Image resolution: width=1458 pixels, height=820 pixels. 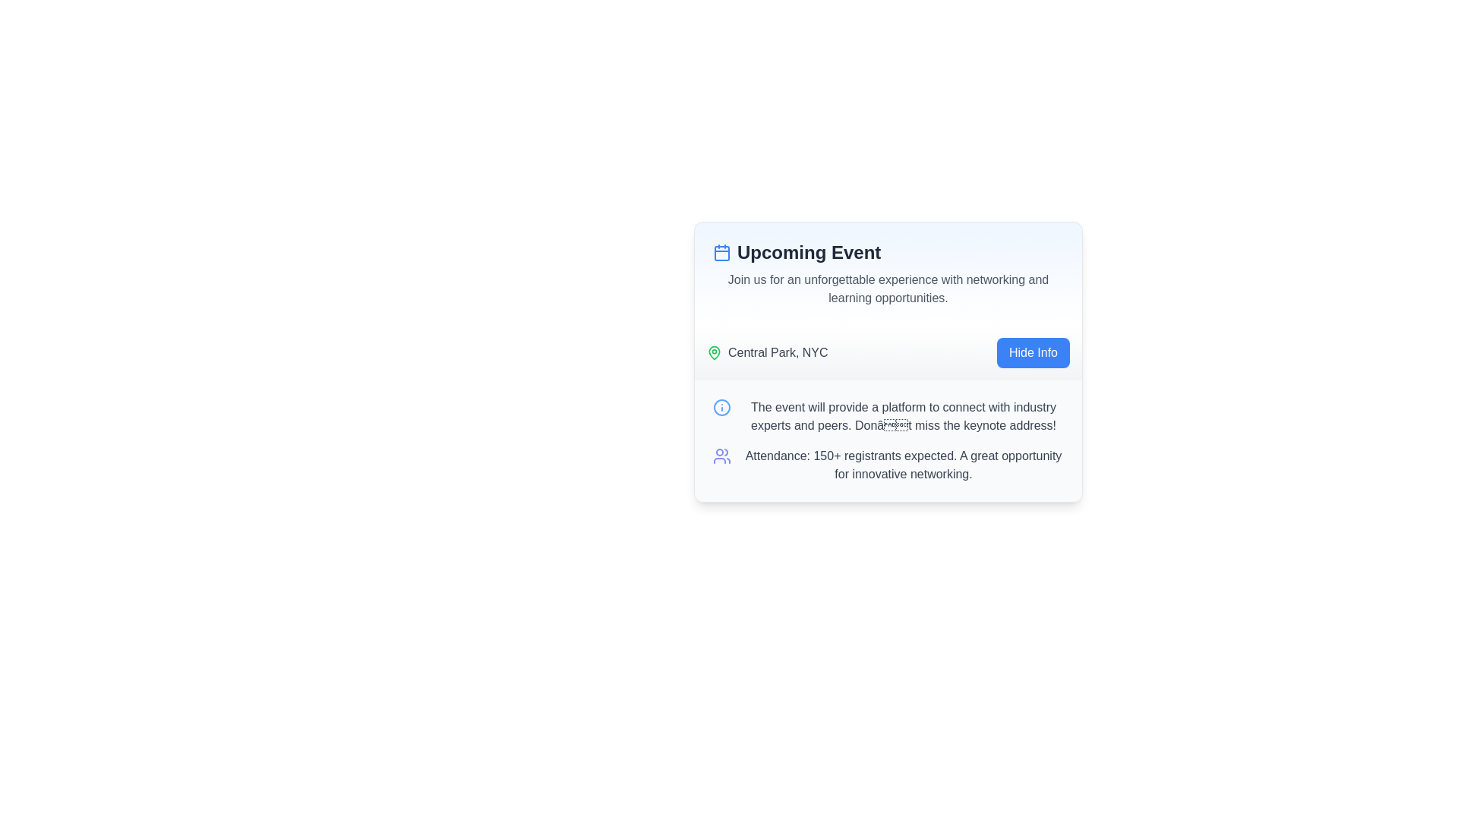 What do you see at coordinates (767, 353) in the screenshot?
I see `the text element indicating 'Central Park, NYC' with the associated map pin icon, located next to the 'Hide Info' button` at bounding box center [767, 353].